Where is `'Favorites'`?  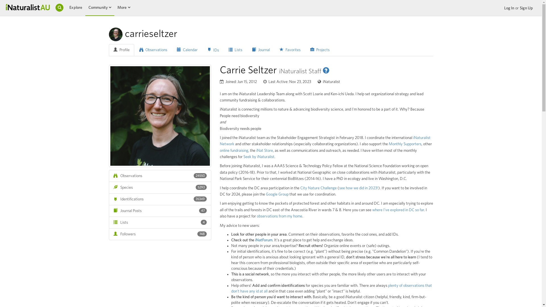
'Favorites' is located at coordinates (290, 50).